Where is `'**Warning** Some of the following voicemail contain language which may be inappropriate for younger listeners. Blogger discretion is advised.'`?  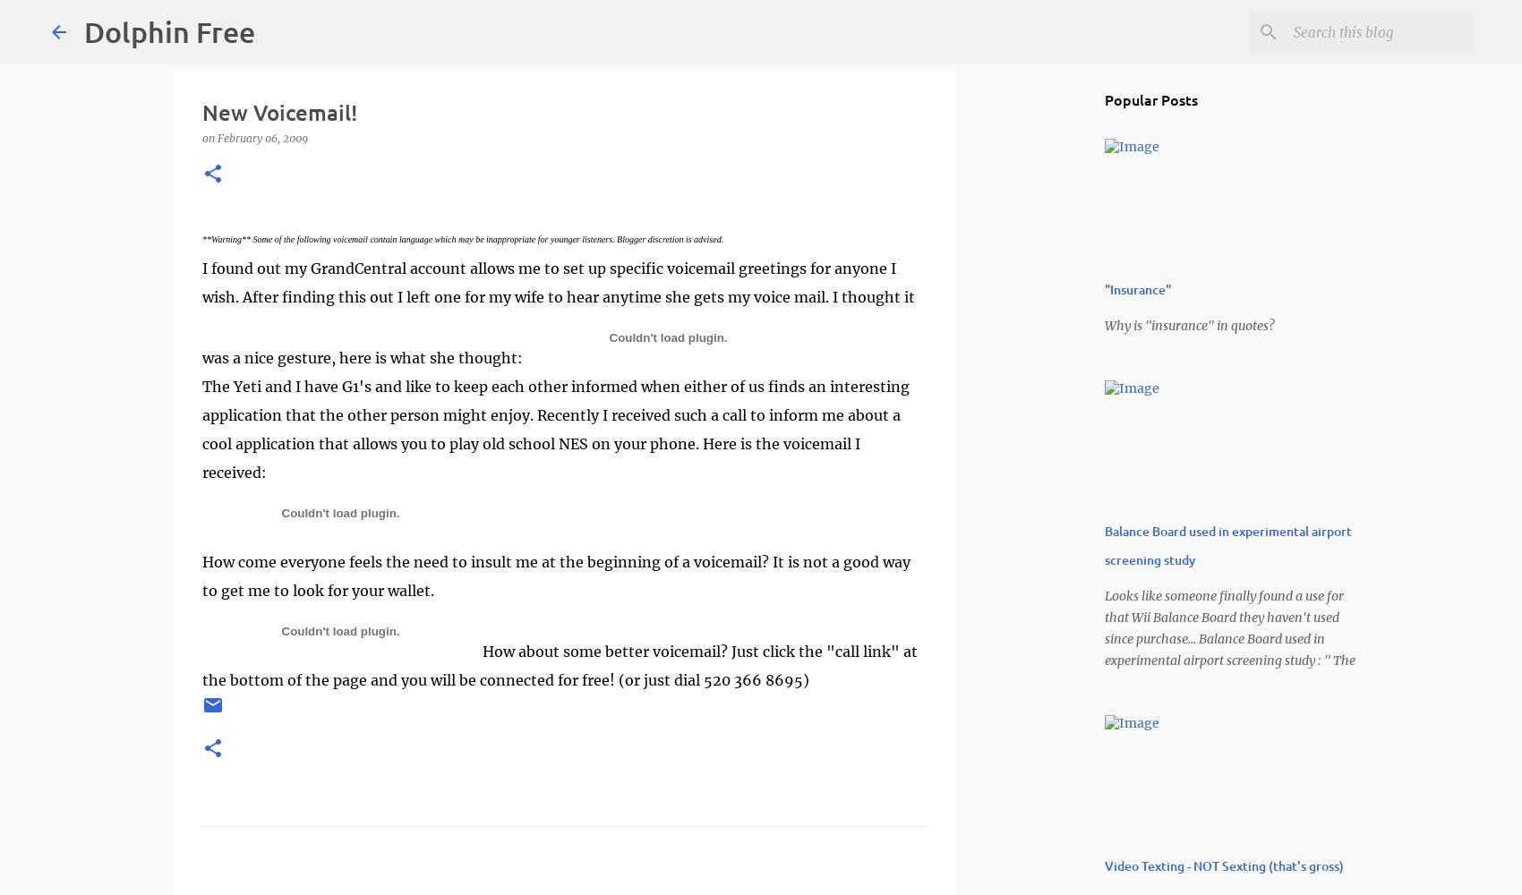
'**Warning** Some of the following voicemail contain language which may be inappropriate for younger listeners. Blogger discretion is advised.' is located at coordinates (462, 239).